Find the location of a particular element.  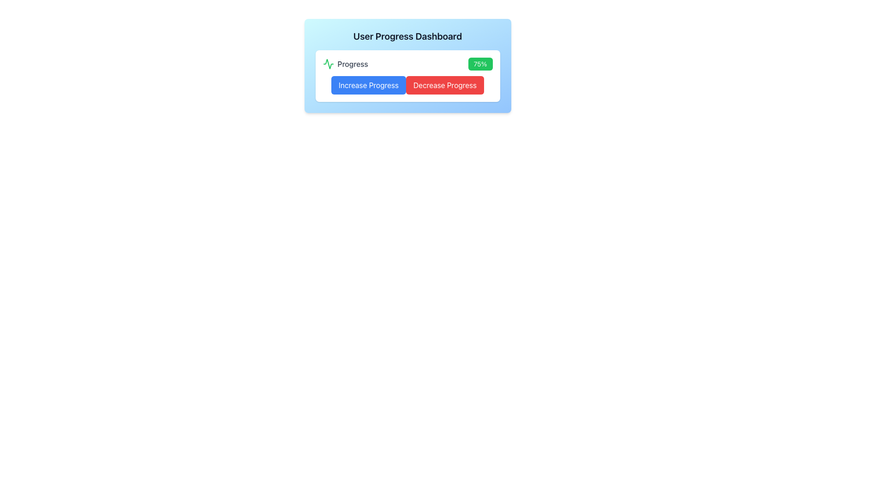

title text located at the top section of the card, which provides an overview of the content below is located at coordinates (407, 36).